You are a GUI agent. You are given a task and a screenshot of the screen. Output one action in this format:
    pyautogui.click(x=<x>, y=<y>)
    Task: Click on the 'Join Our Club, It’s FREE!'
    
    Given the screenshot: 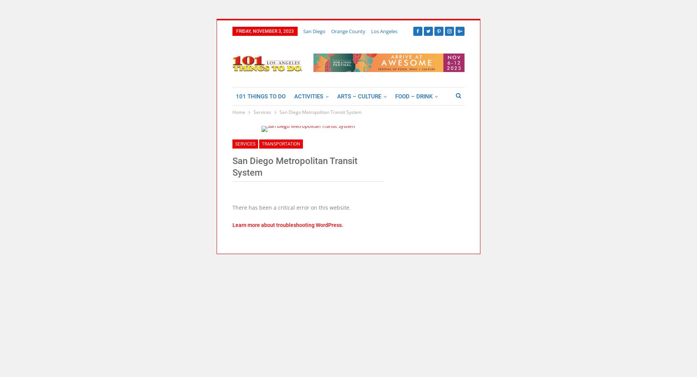 What is the action you would take?
    pyautogui.click(x=258, y=44)
    